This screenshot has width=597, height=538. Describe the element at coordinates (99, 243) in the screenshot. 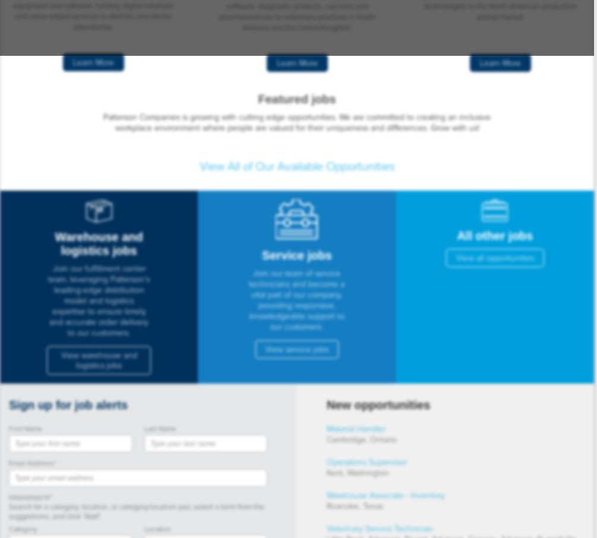

I see `'Warehouse and logistics jobs'` at that location.